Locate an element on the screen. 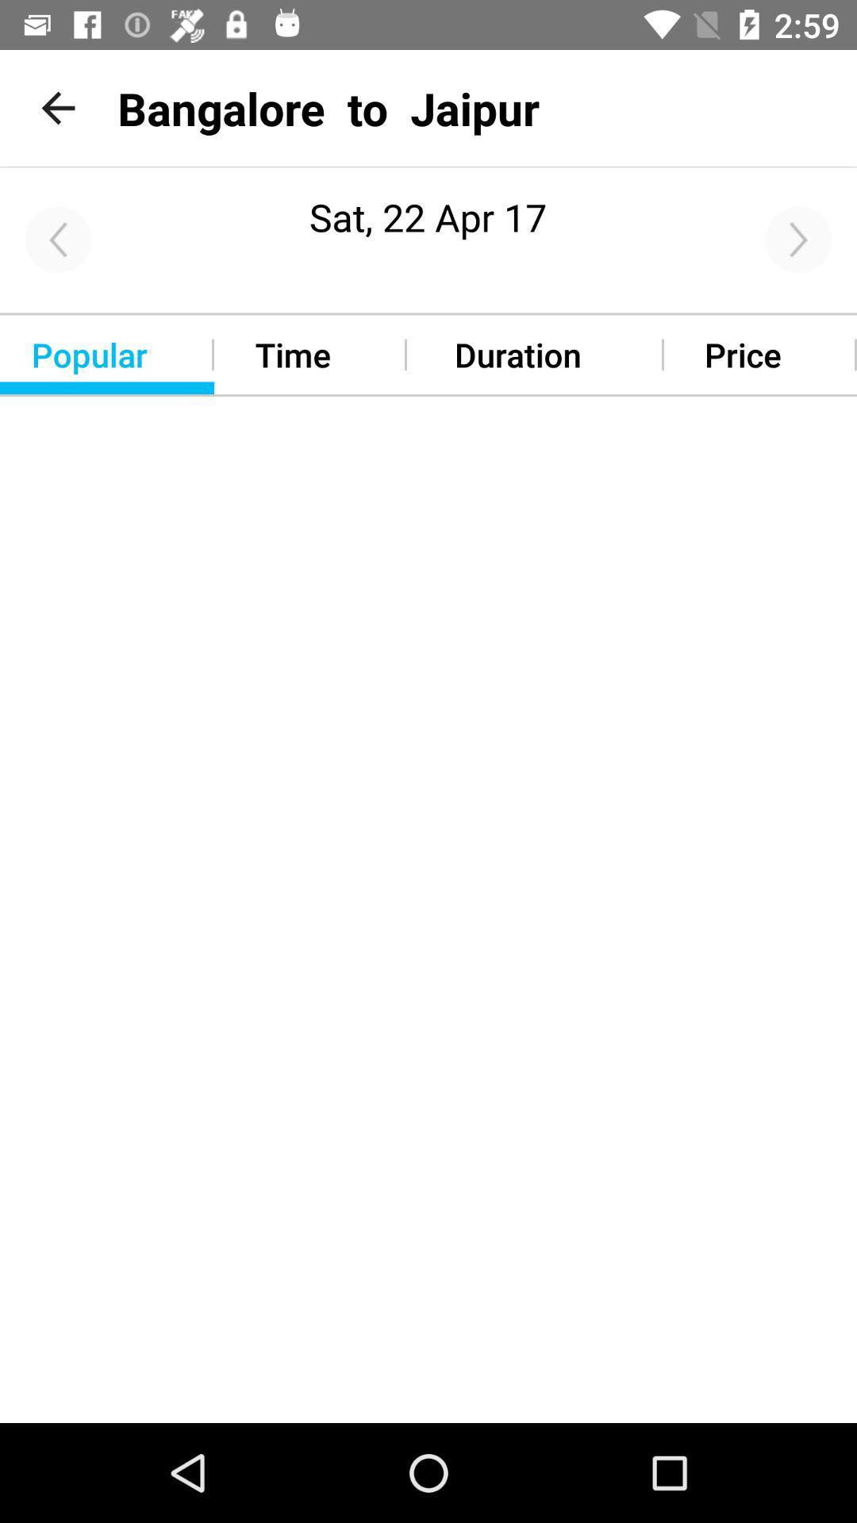 The height and width of the screenshot is (1523, 857). the arrow_backward icon is located at coordinates (57, 239).